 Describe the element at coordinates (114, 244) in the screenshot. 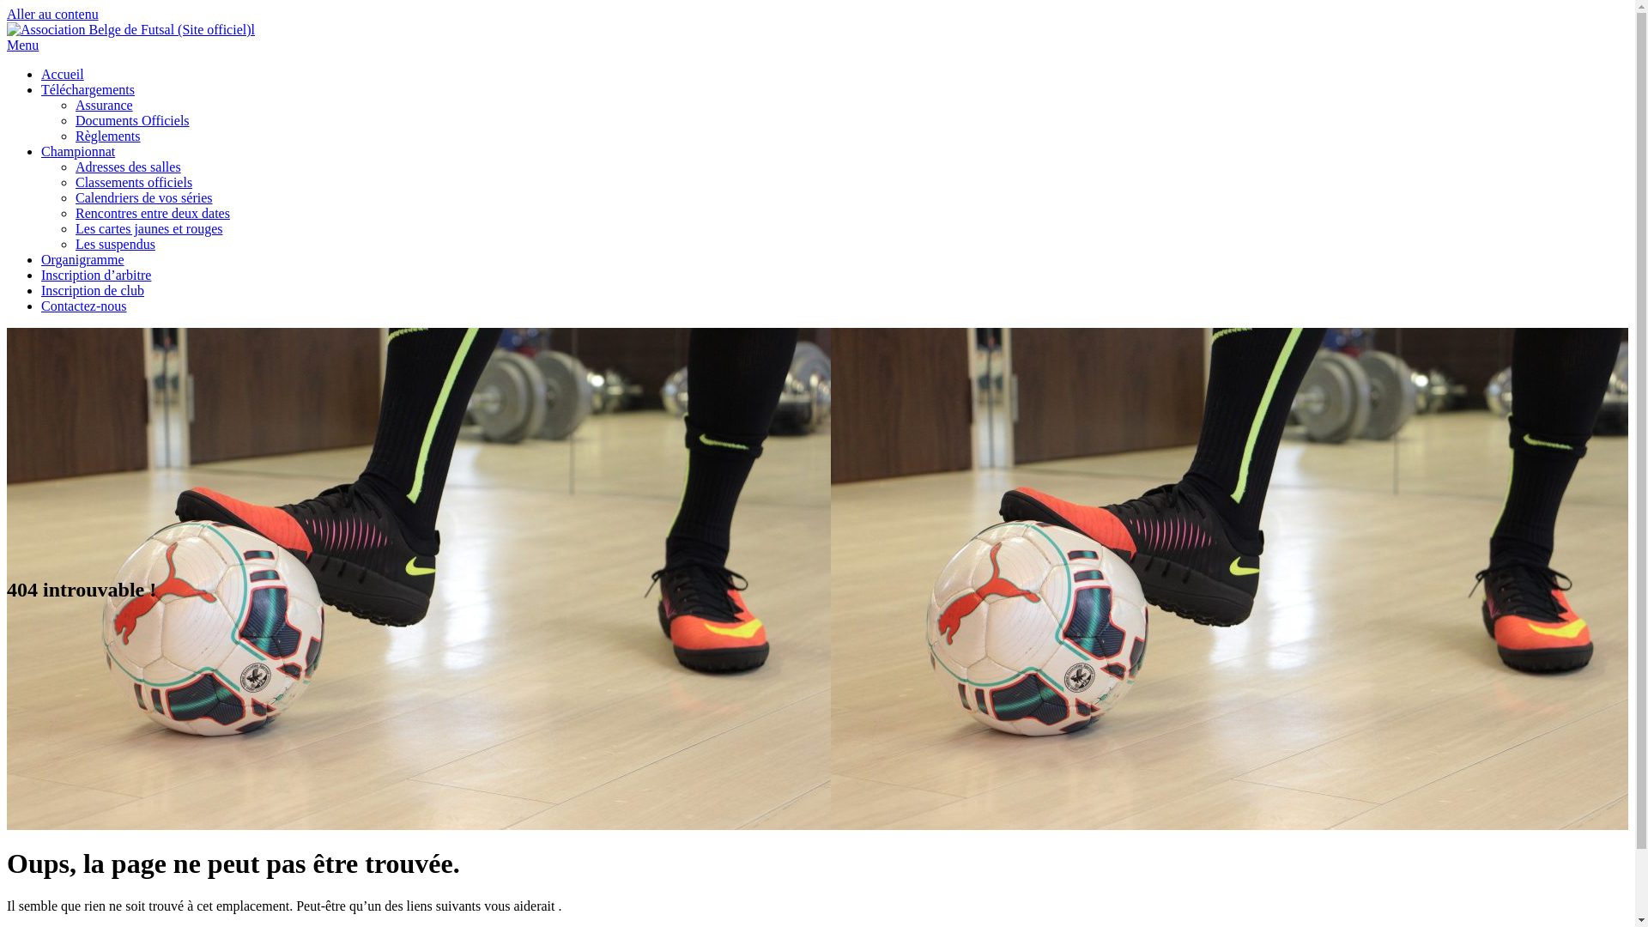

I see `'Les suspendus'` at that location.